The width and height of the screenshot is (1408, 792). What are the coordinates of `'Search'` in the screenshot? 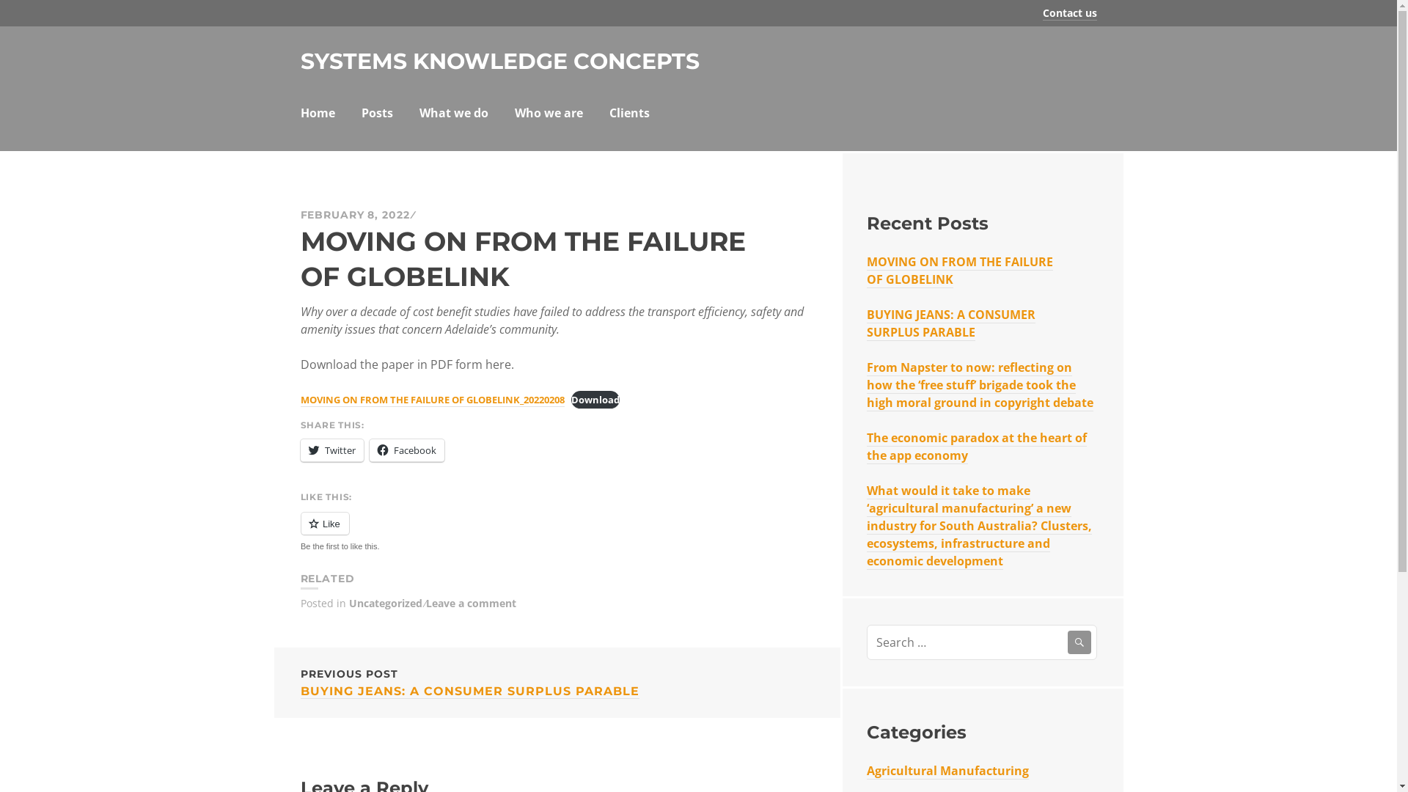 It's located at (1079, 641).